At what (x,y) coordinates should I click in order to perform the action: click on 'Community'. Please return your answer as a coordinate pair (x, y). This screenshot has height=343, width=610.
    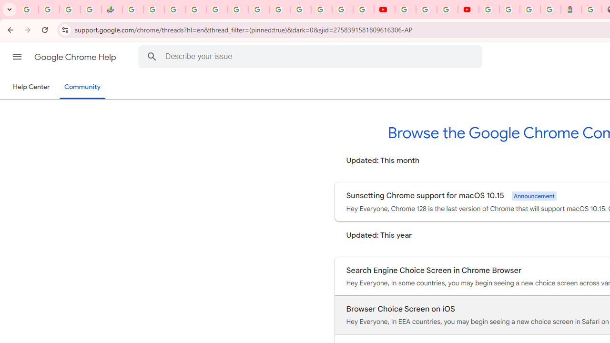
    Looking at the image, I should click on (82, 87).